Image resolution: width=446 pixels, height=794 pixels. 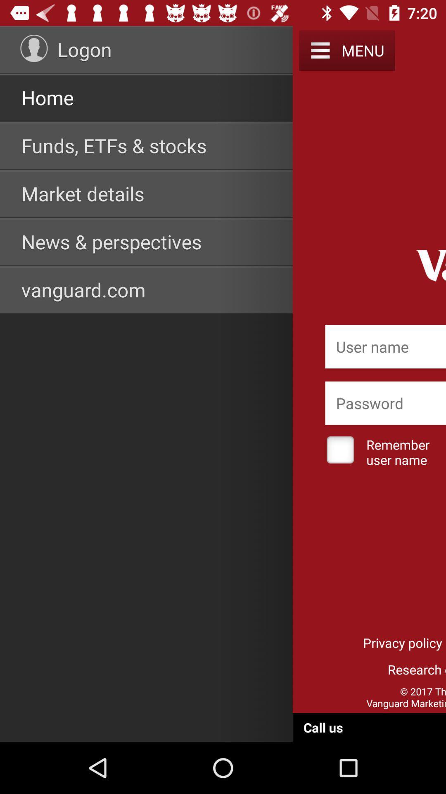 What do you see at coordinates (385, 403) in the screenshot?
I see `the text above the text username` at bounding box center [385, 403].